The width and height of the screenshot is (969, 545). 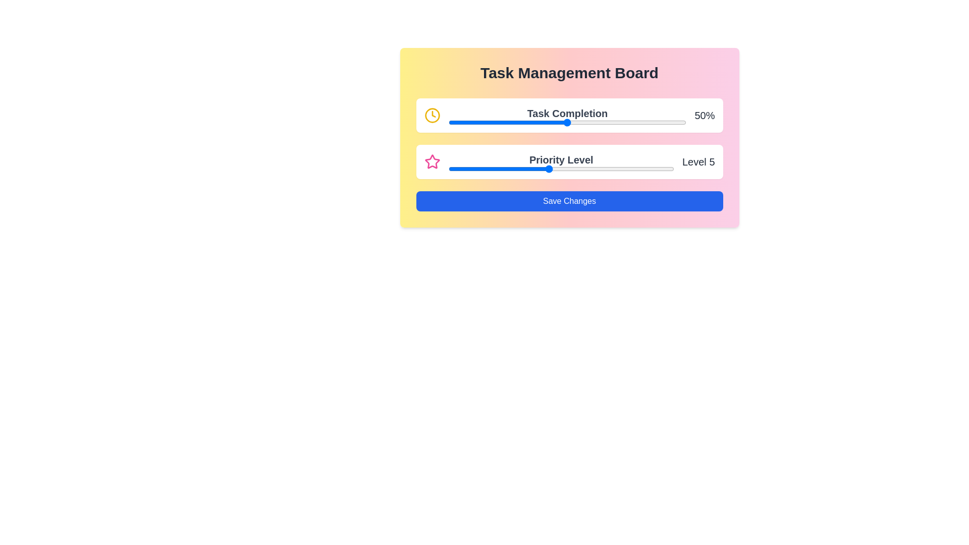 What do you see at coordinates (523, 169) in the screenshot?
I see `priority level` at bounding box center [523, 169].